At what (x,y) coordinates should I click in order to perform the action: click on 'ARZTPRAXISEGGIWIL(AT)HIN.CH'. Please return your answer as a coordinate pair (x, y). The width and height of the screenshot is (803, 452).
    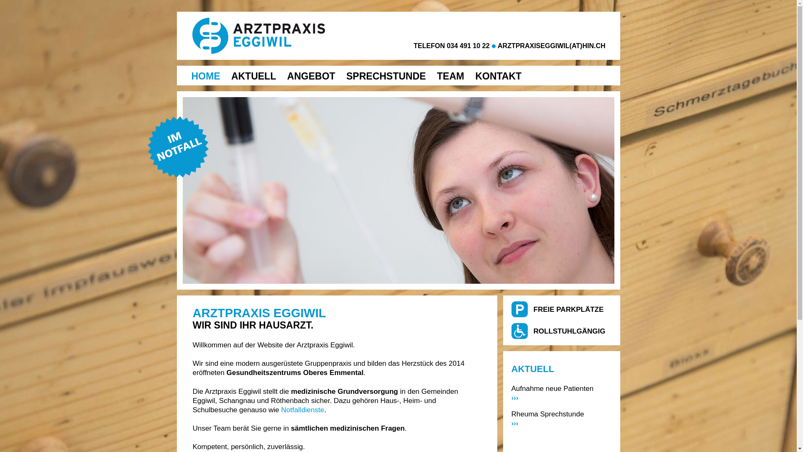
    Looking at the image, I should click on (551, 46).